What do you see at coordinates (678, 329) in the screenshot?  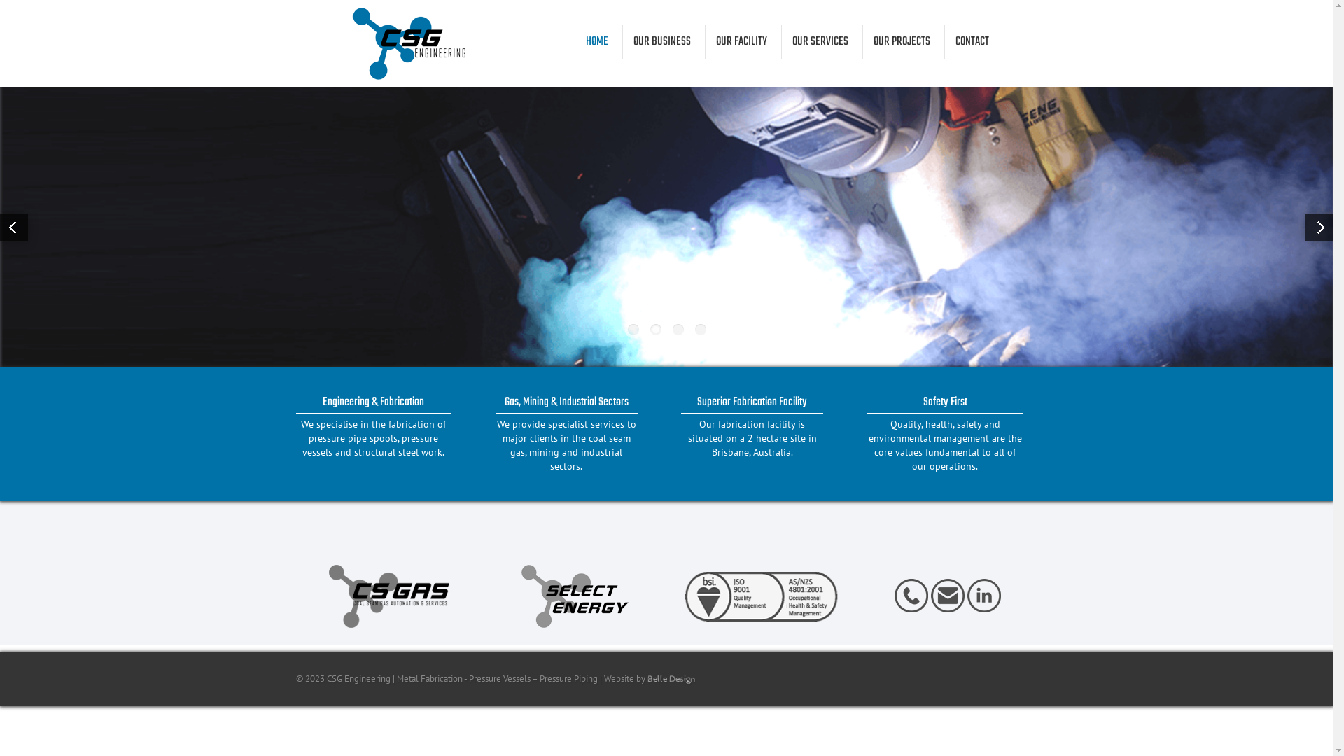 I see `'3'` at bounding box center [678, 329].